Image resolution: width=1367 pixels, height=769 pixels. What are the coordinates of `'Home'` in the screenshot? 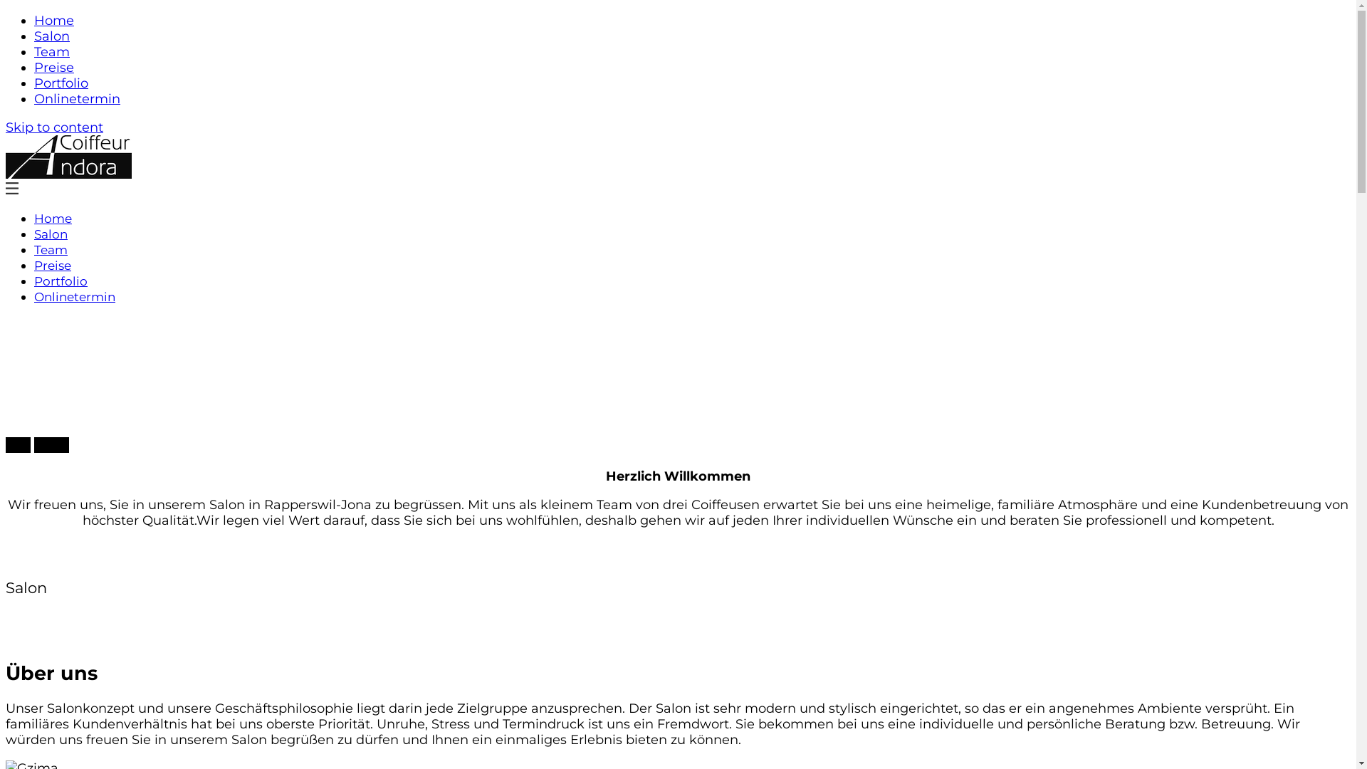 It's located at (53, 219).